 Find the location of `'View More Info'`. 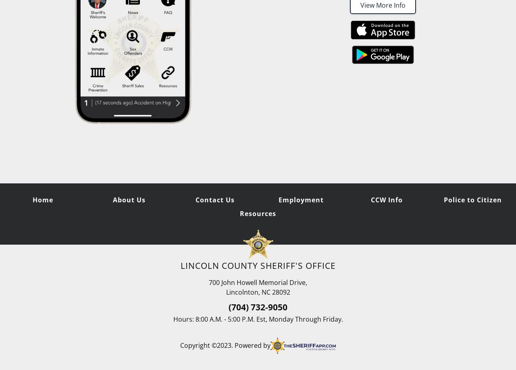

'View More Info' is located at coordinates (383, 5).